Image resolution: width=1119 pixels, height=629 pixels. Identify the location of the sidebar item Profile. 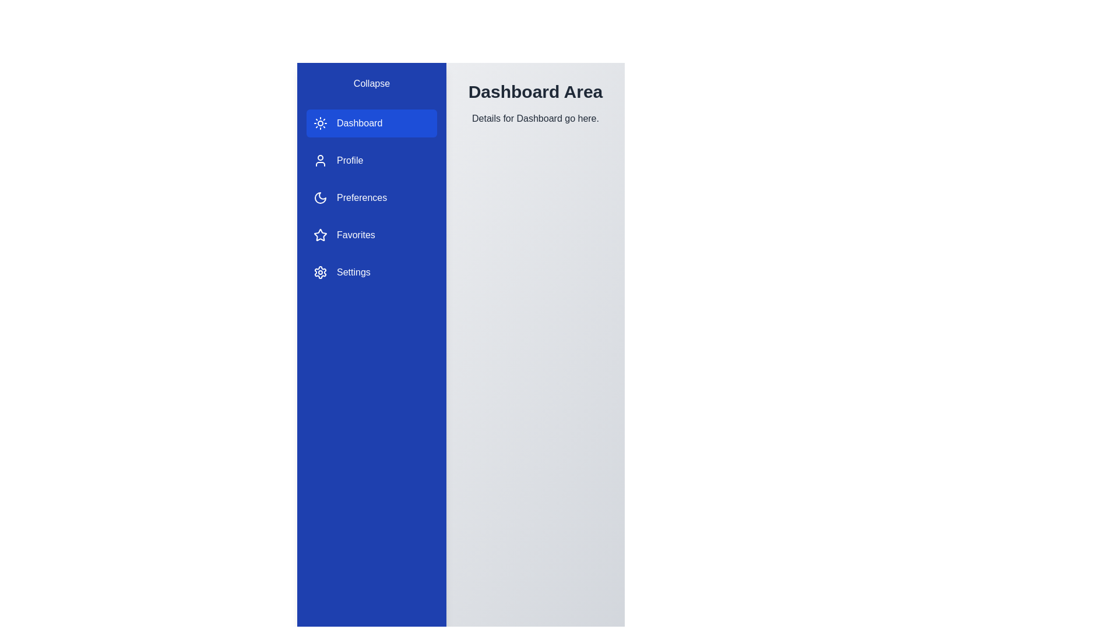
(371, 161).